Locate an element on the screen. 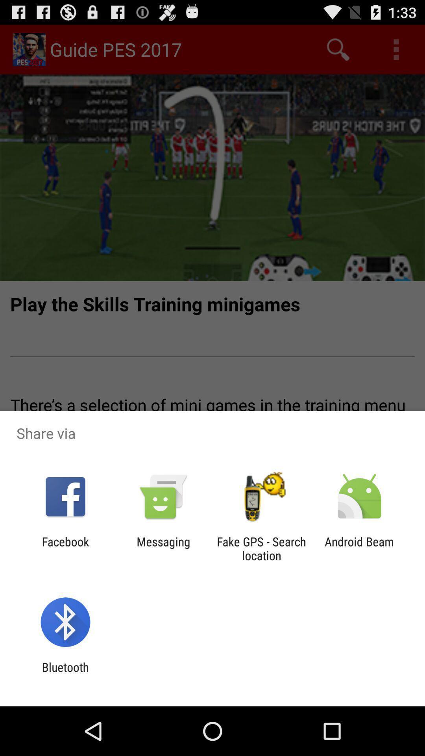  fake gps search is located at coordinates (261, 548).